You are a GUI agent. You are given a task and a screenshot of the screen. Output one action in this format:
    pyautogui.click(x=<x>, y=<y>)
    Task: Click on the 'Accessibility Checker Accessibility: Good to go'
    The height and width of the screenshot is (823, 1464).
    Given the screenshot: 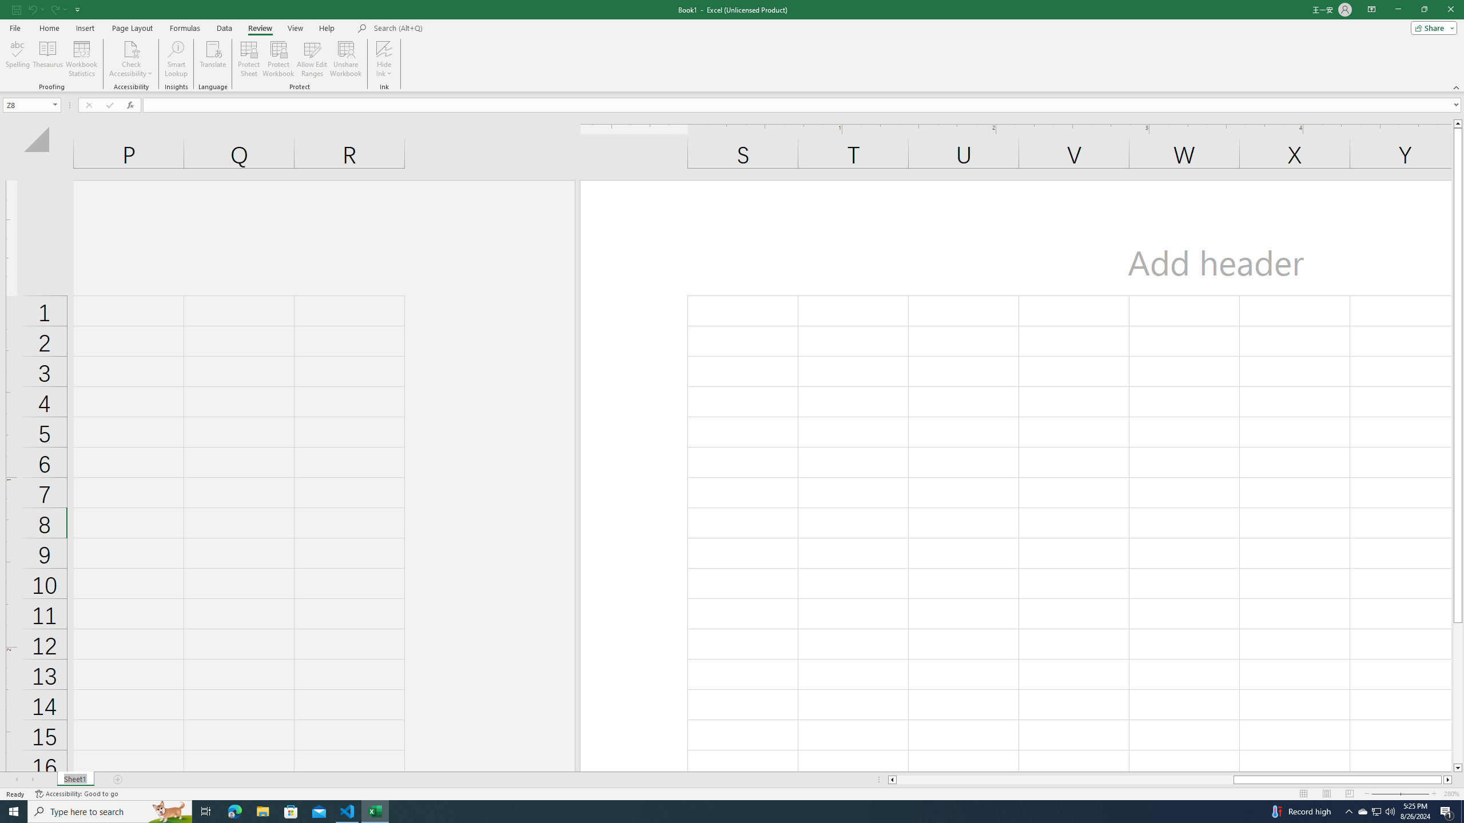 What is the action you would take?
    pyautogui.click(x=77, y=794)
    